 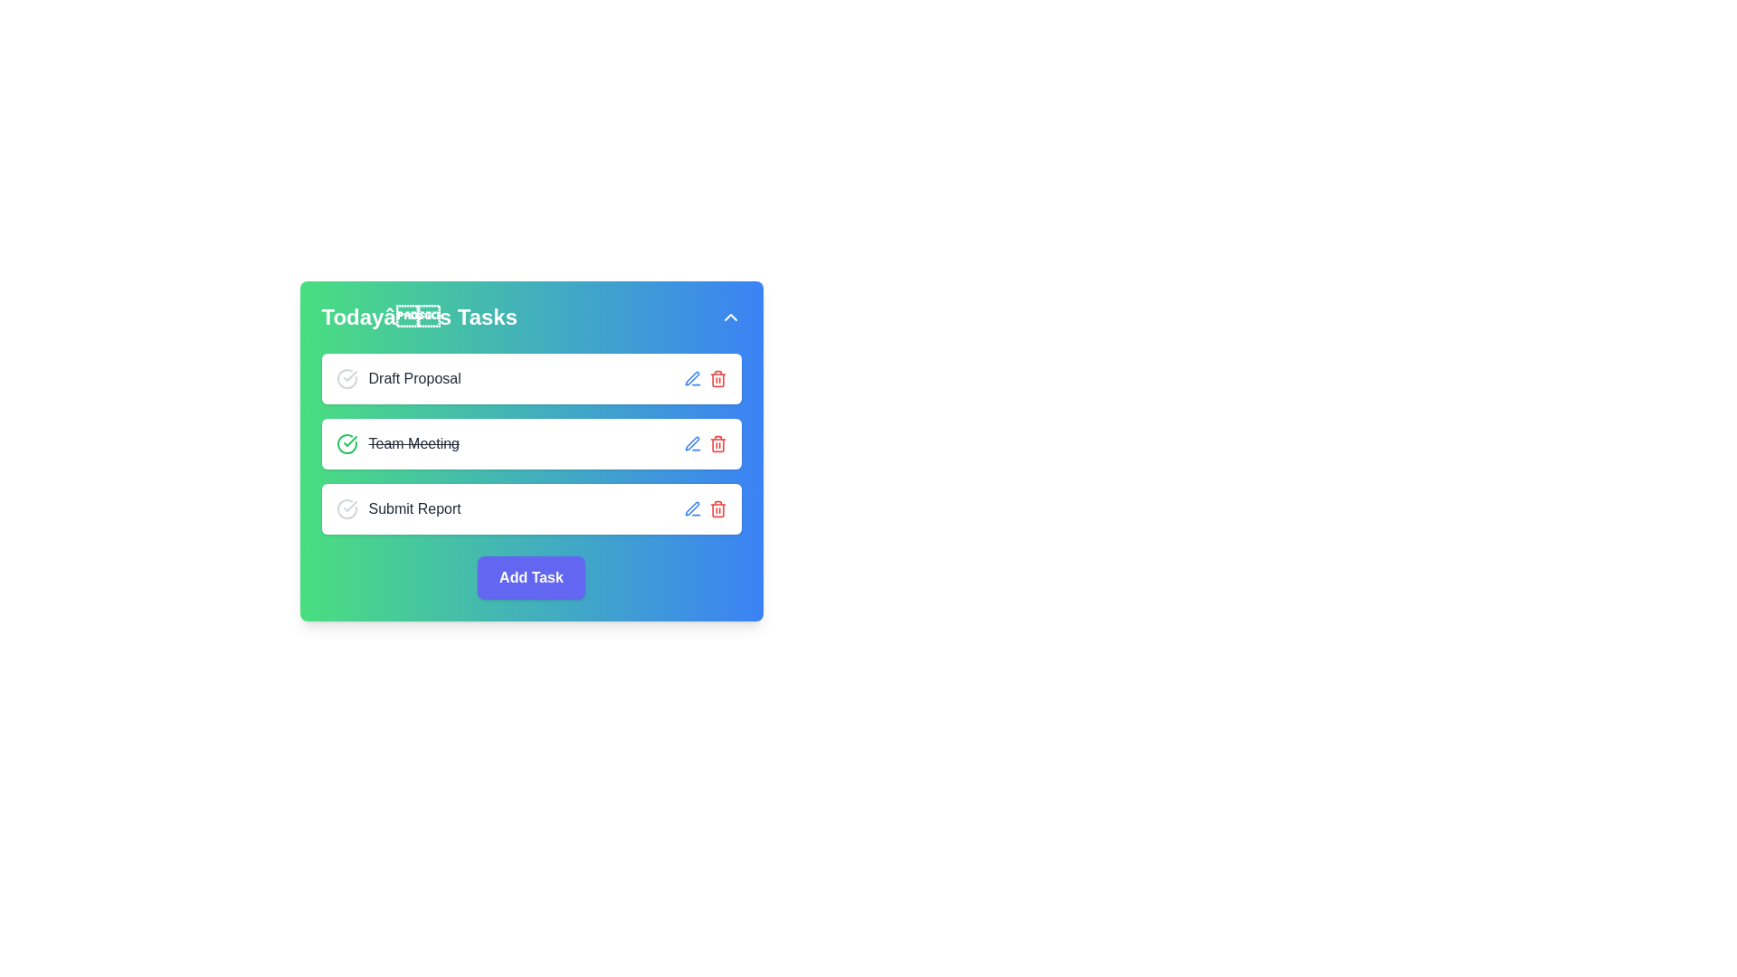 What do you see at coordinates (530, 578) in the screenshot?
I see `the 'Add New Task' button located at the bottom of the 'Today's Tasks' card` at bounding box center [530, 578].